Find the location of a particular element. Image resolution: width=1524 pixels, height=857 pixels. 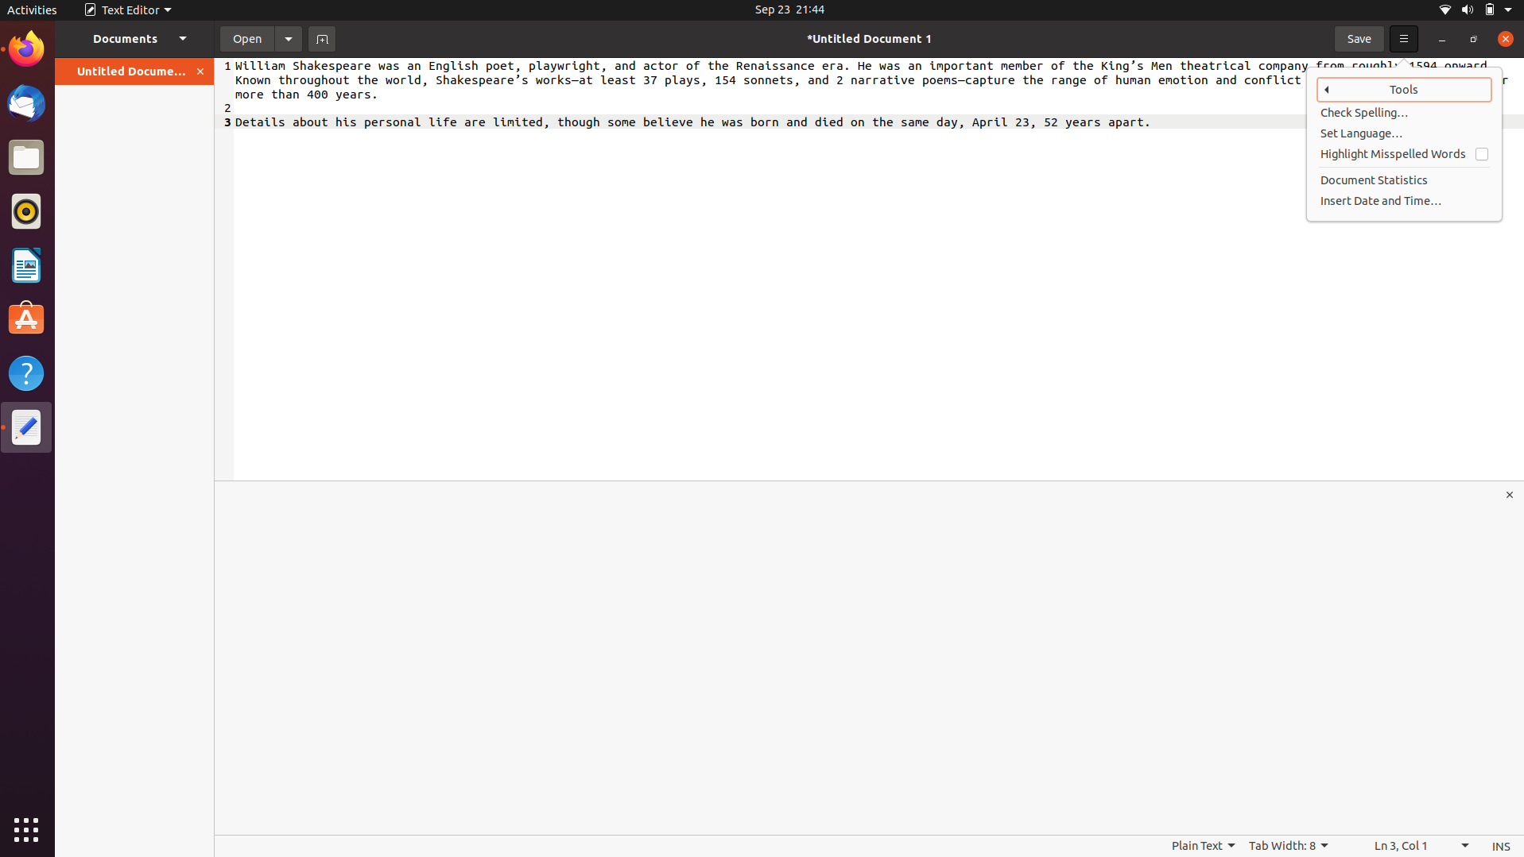

and open the second document in the more documents section is located at coordinates (134, 37).